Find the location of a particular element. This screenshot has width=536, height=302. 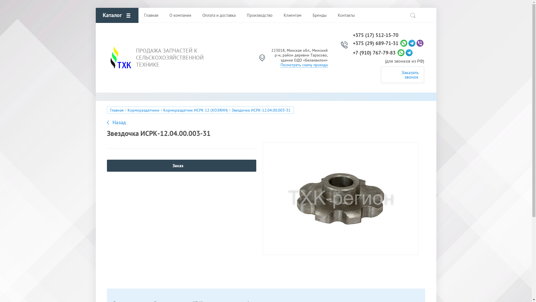

'+7 (910) 767-79-83' is located at coordinates (374, 53).